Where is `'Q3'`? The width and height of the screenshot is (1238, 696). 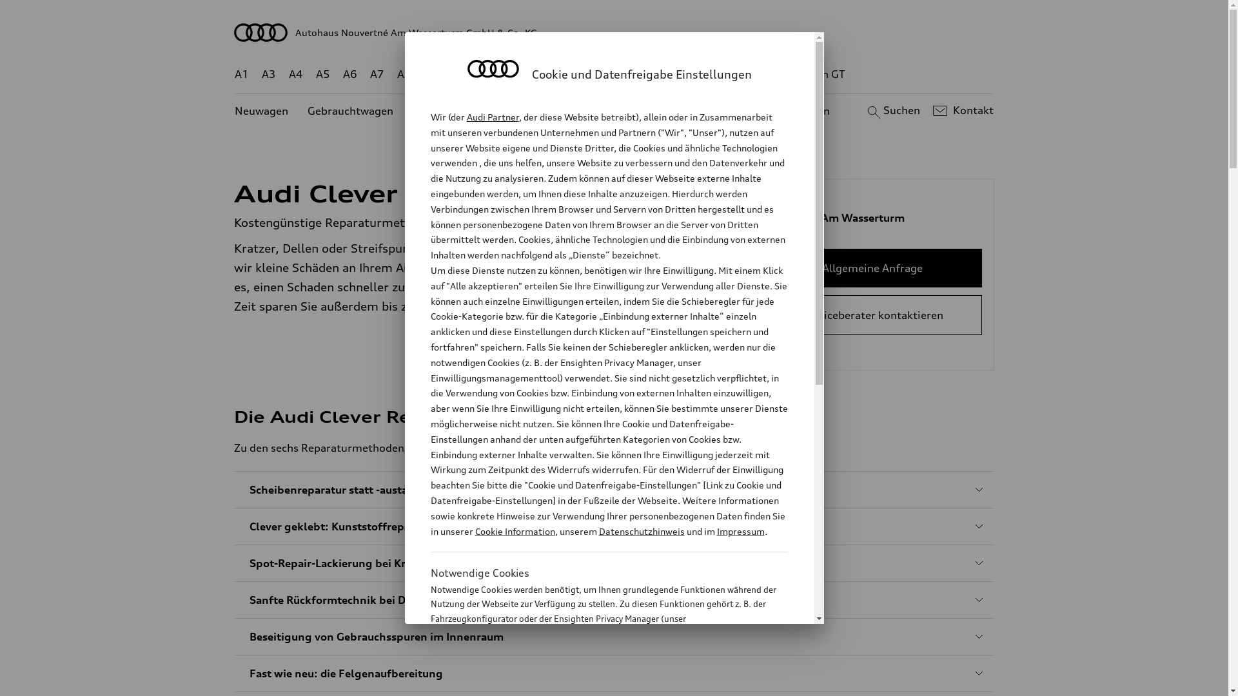
'Q3' is located at coordinates (459, 74).